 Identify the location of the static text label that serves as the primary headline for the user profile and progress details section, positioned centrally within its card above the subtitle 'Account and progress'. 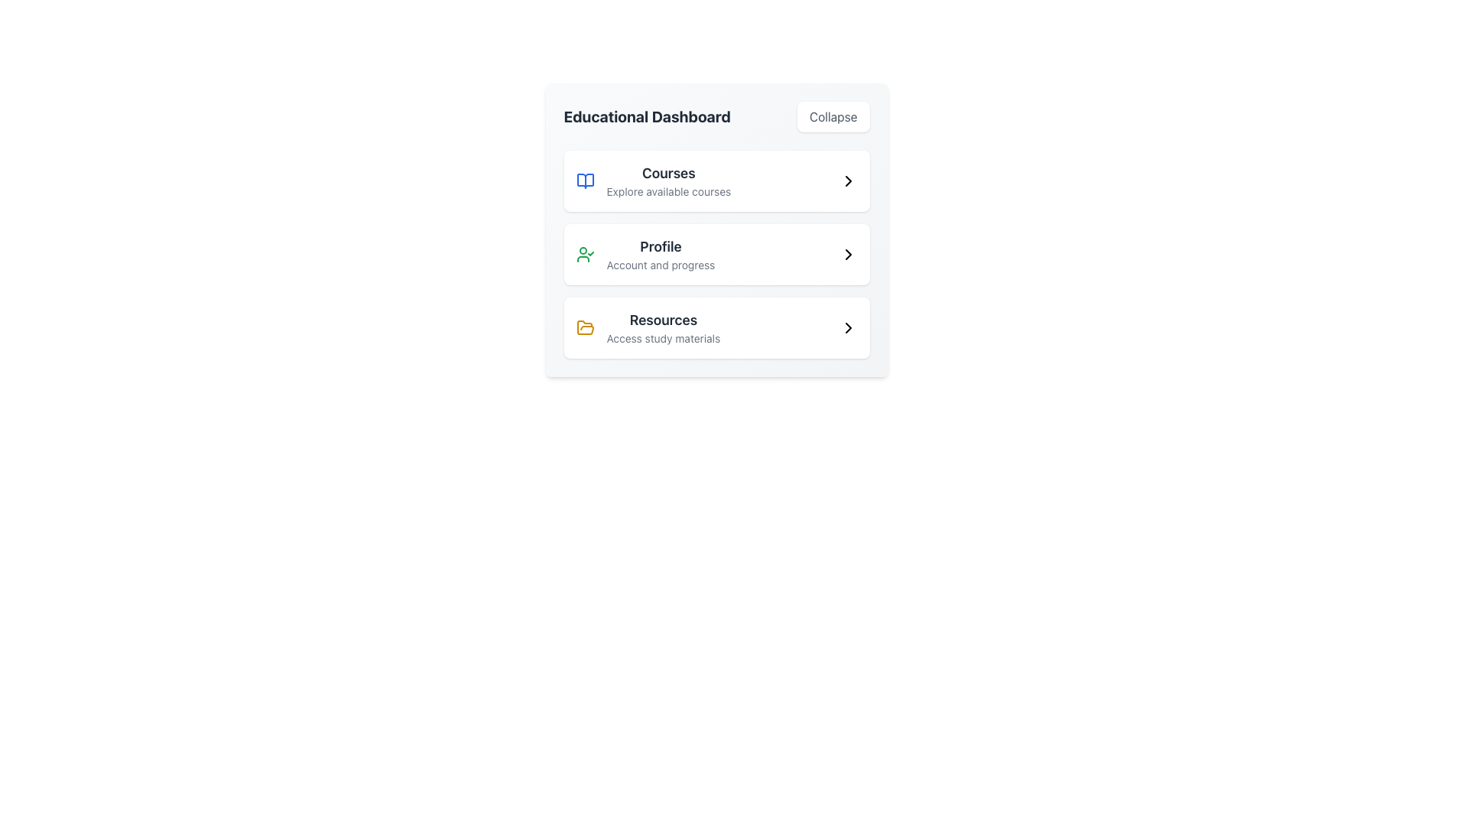
(661, 246).